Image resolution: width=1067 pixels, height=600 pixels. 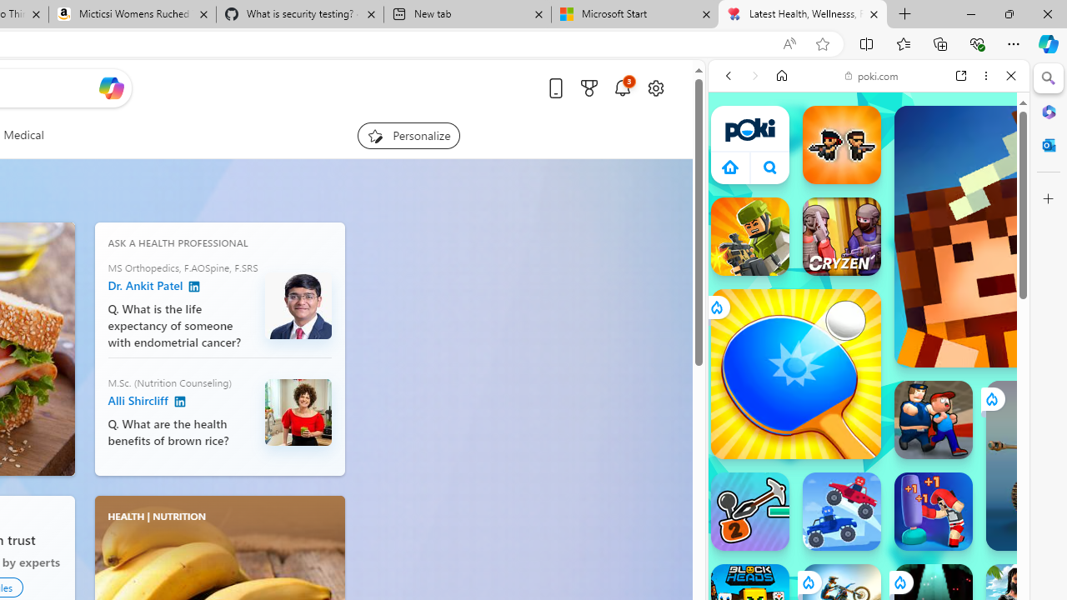 What do you see at coordinates (868, 555) in the screenshot?
I see `'Sports Games'` at bounding box center [868, 555].